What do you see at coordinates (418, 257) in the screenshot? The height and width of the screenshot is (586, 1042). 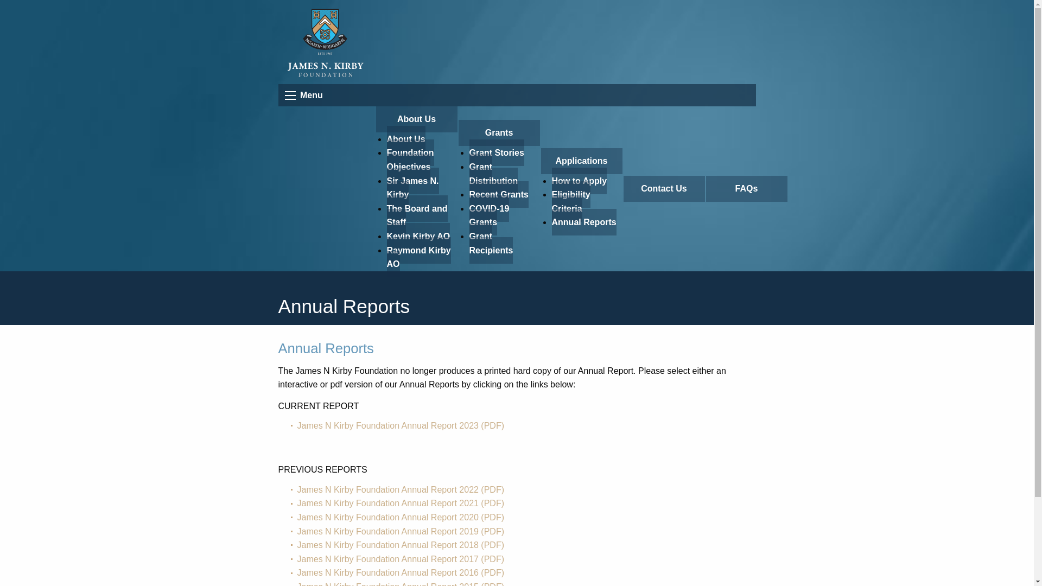 I see `'Raymond Kirby AO'` at bounding box center [418, 257].